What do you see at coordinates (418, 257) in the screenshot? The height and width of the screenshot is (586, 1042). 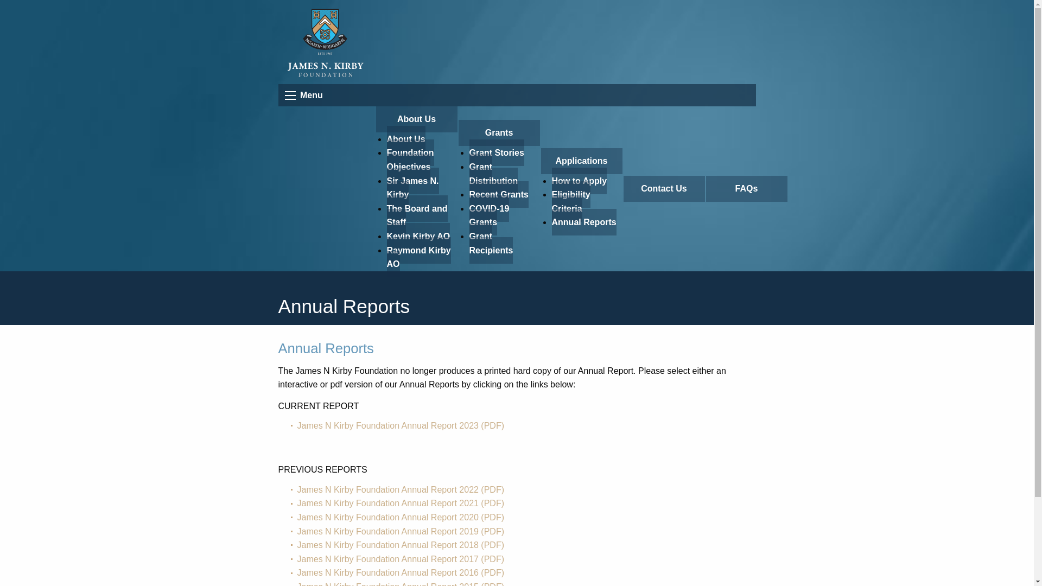 I see `'Raymond Kirby AO'` at bounding box center [418, 257].